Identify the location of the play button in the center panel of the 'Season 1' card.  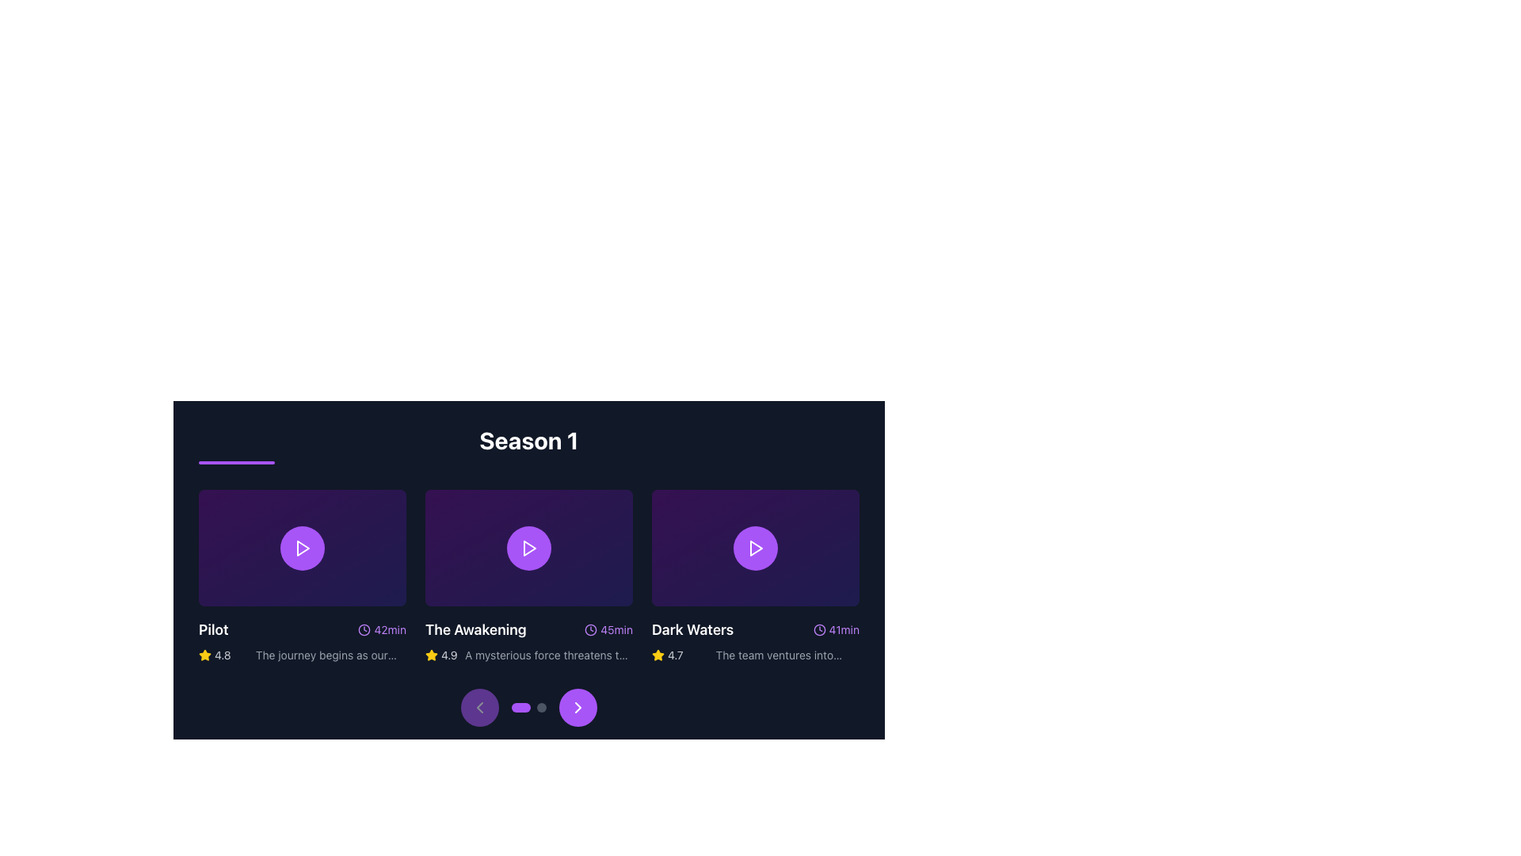
(528, 575).